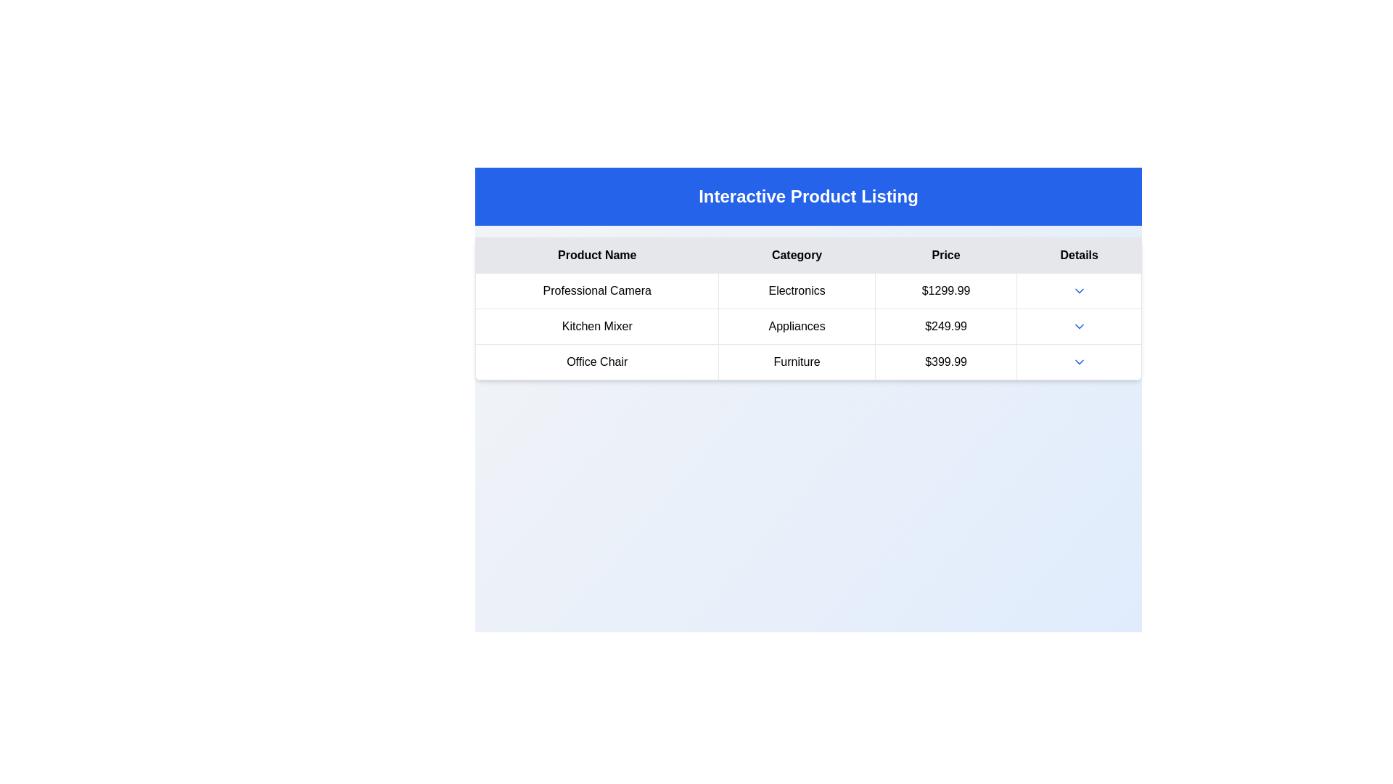  What do you see at coordinates (796, 327) in the screenshot?
I see `text content of the Text Label element that displays 'Appliances' in a bold black font, located in the second column of the row labeled 'Kitchen Mixer' under the 'Category' section` at bounding box center [796, 327].